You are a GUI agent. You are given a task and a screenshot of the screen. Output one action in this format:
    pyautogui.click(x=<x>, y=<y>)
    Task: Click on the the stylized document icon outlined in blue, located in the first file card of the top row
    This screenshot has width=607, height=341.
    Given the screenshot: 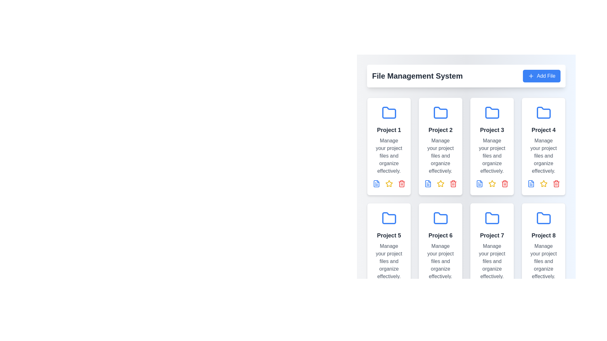 What is the action you would take?
    pyautogui.click(x=428, y=184)
    